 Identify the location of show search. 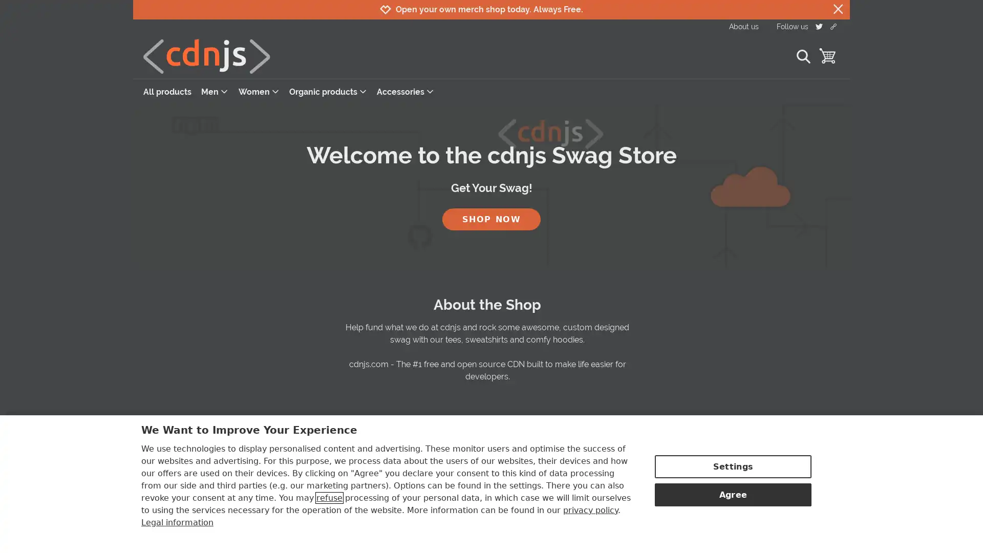
(802, 56).